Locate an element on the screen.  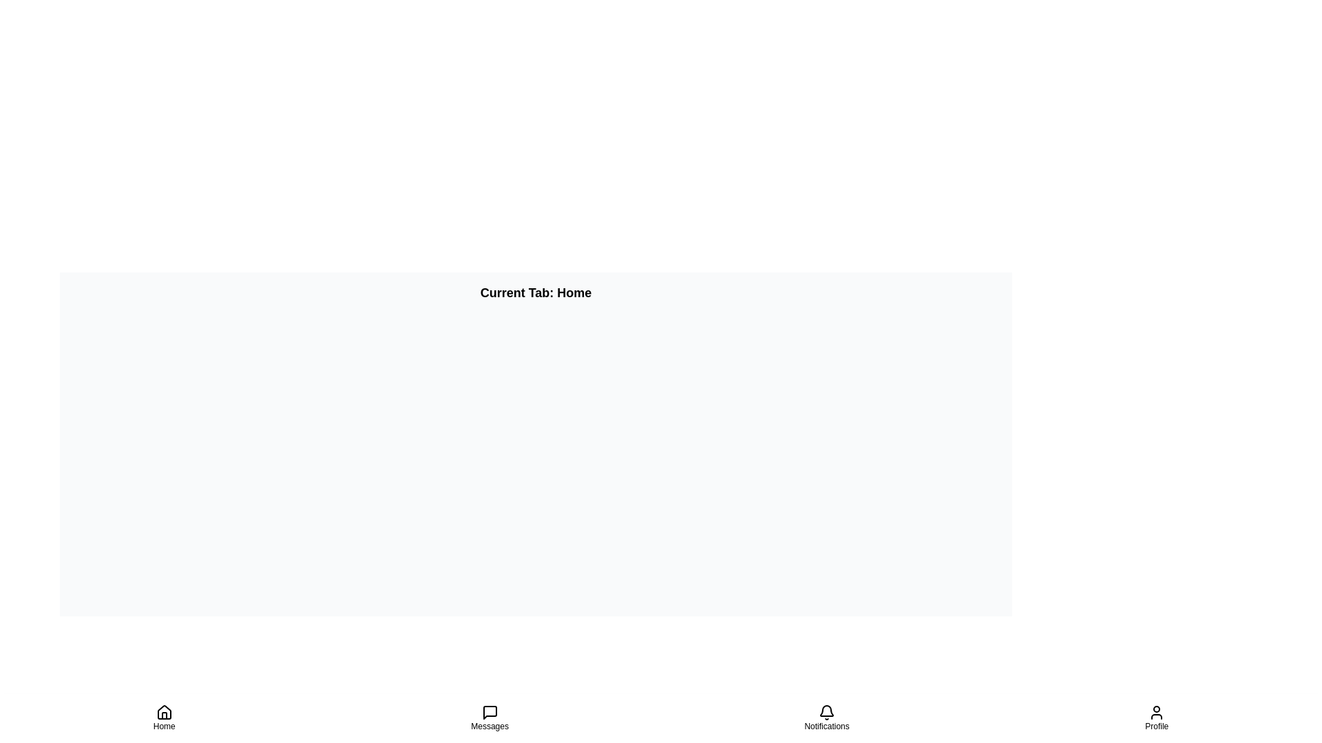
the second button in the bottom navigation bar is located at coordinates (490, 718).